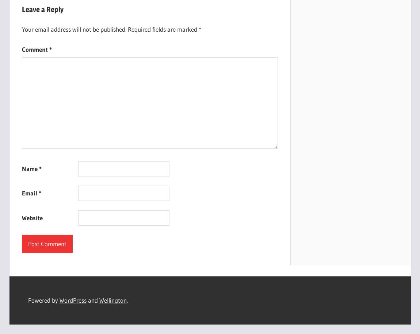 The height and width of the screenshot is (334, 420). What do you see at coordinates (42, 9) in the screenshot?
I see `'Leave a Reply'` at bounding box center [42, 9].